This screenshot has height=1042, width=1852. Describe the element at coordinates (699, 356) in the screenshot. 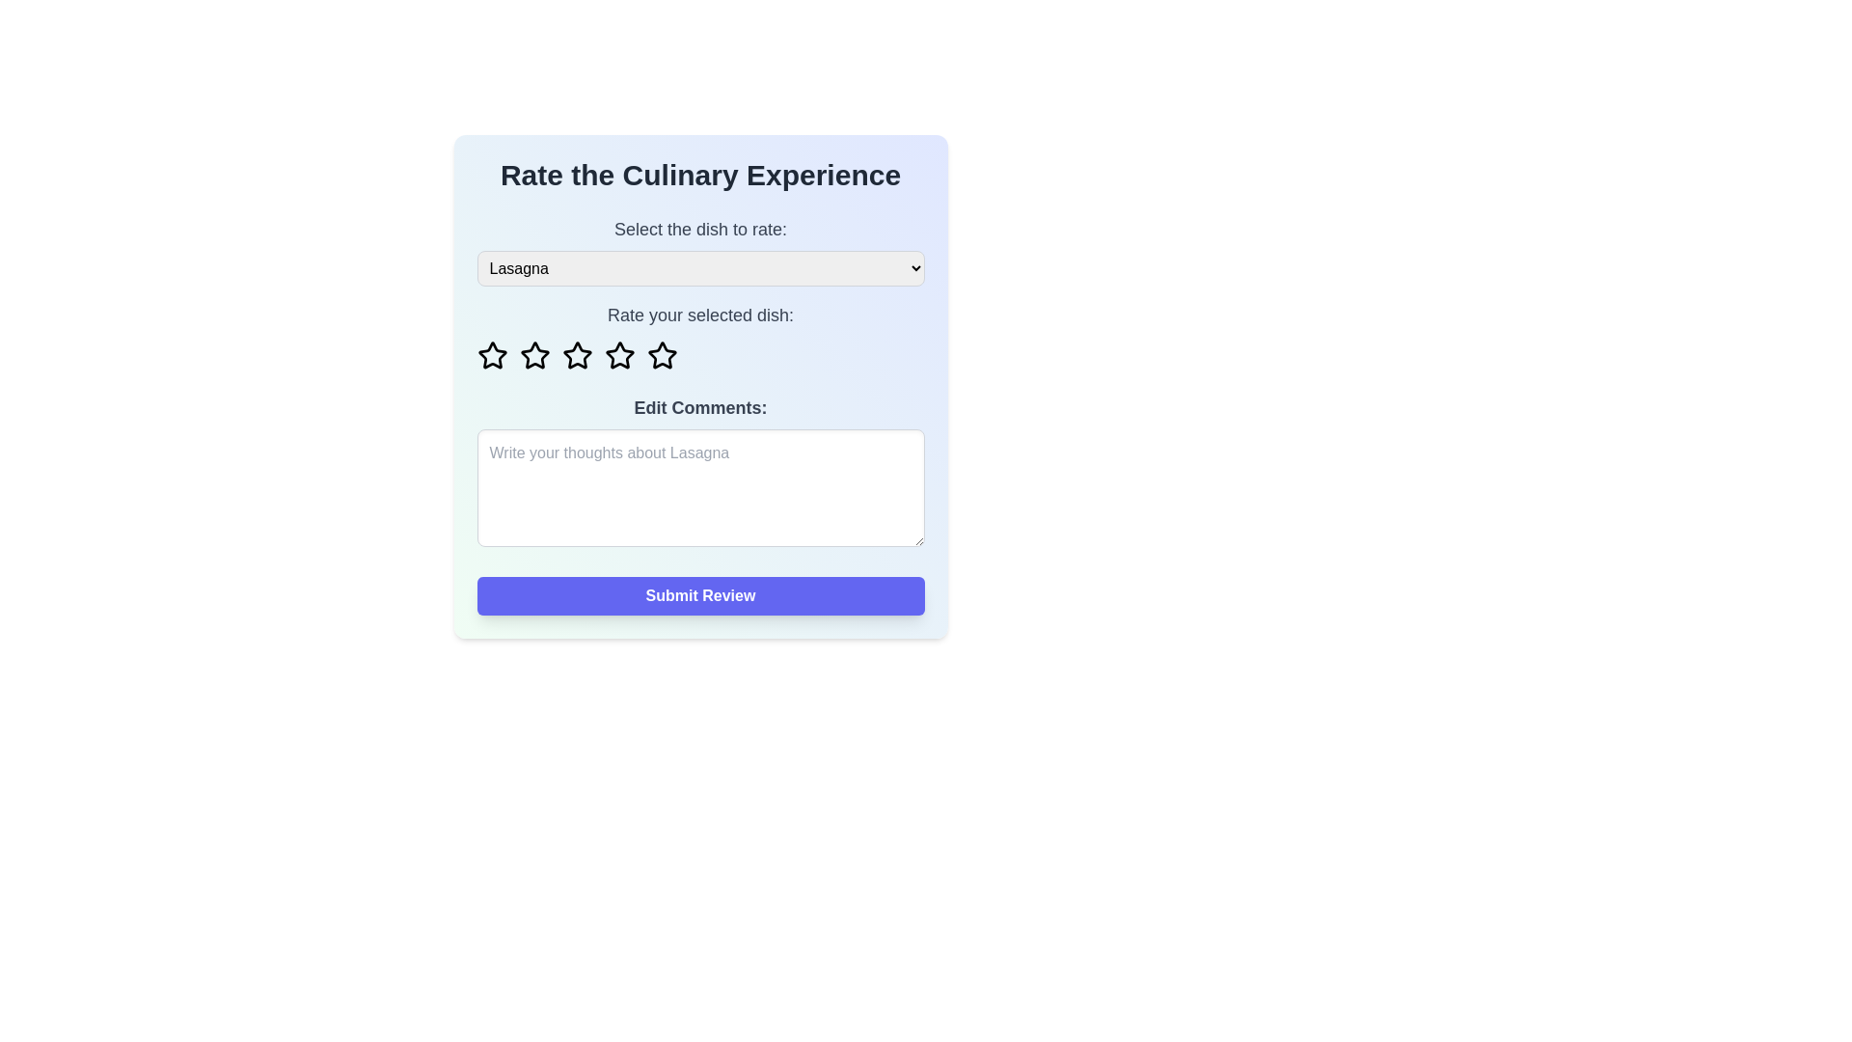

I see `the Rating component consisting of clickable star icons, which is located directly below the text 'Rate your selected dish:'` at that location.